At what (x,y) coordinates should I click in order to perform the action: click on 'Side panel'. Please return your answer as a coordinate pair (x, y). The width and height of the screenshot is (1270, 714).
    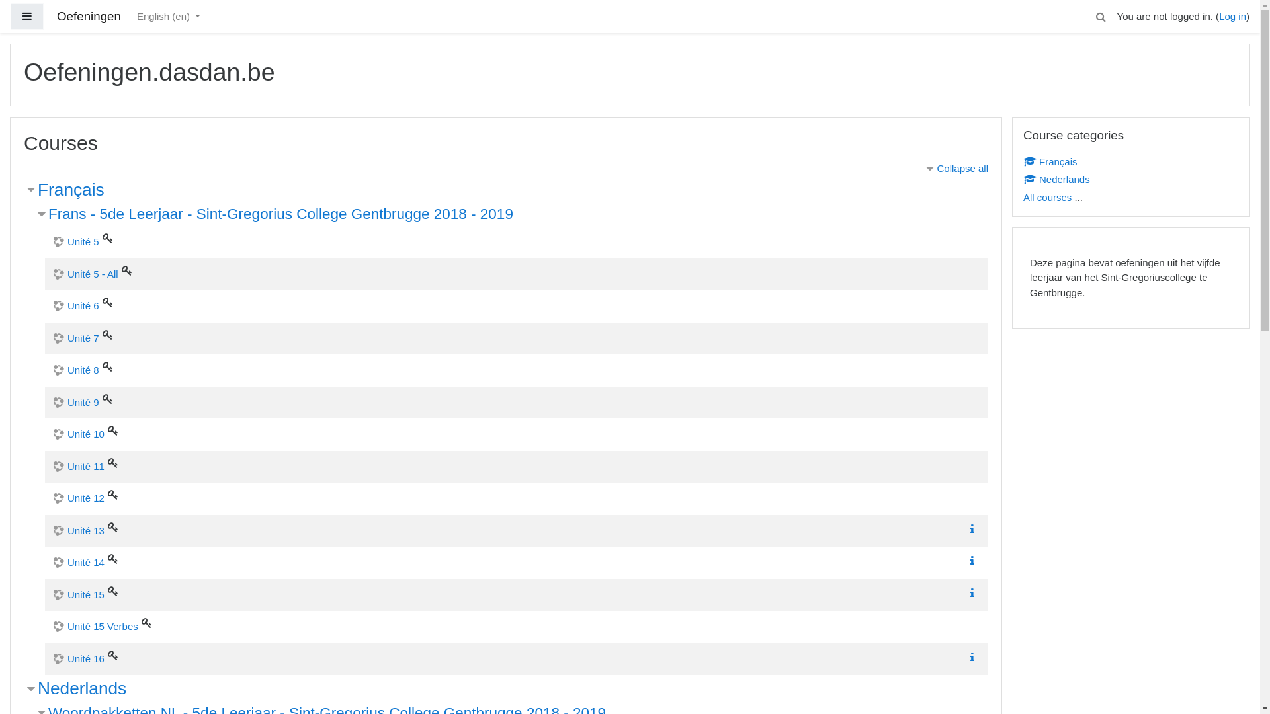
    Looking at the image, I should click on (27, 17).